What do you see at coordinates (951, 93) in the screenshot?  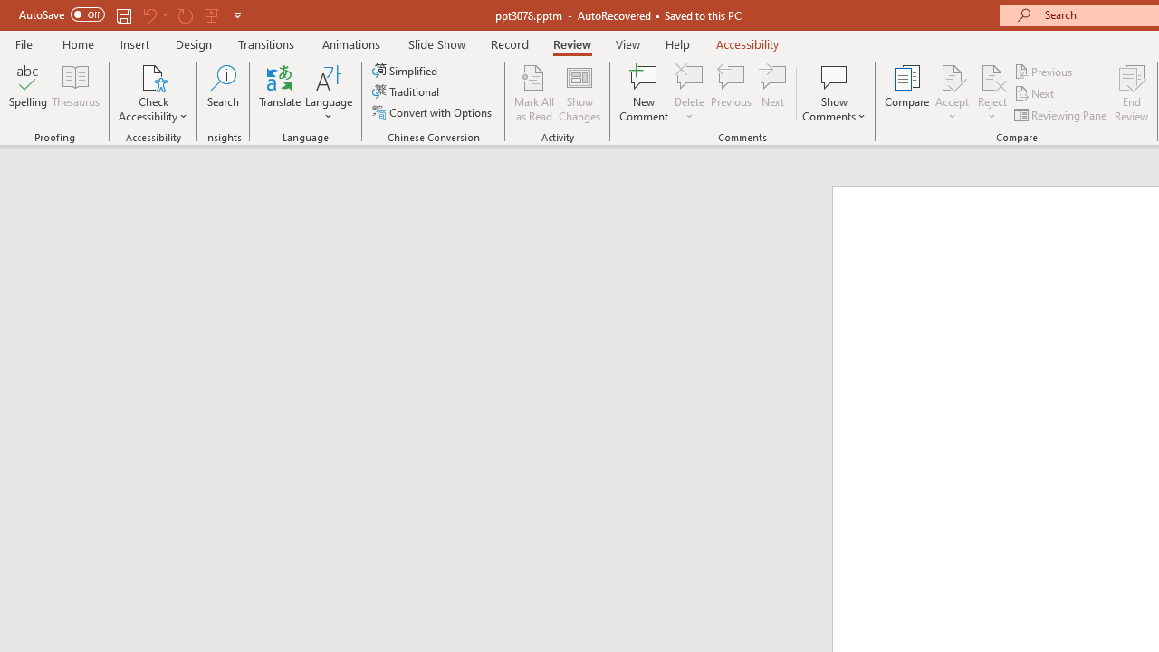 I see `'Accept'` at bounding box center [951, 93].